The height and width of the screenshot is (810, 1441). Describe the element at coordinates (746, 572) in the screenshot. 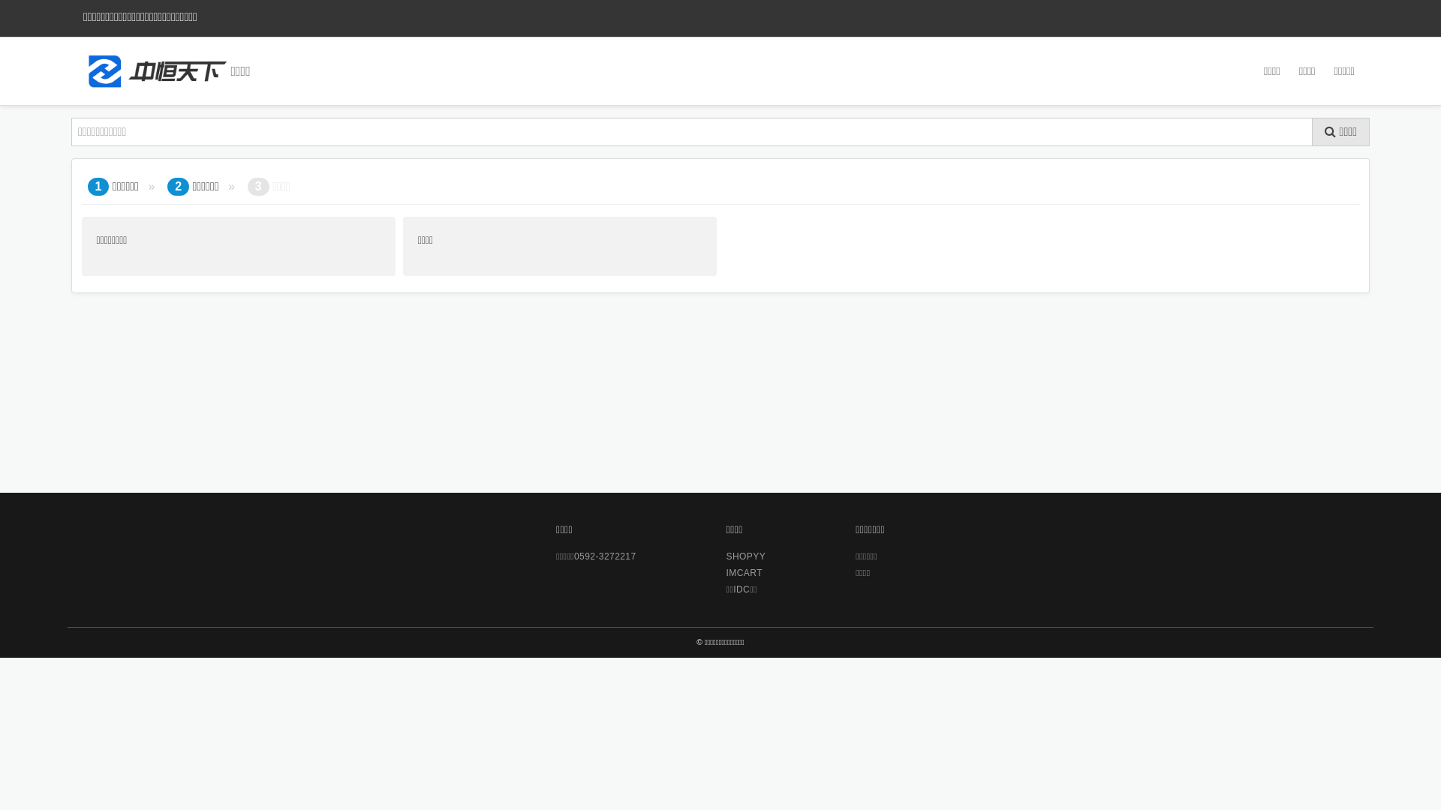

I see `'IMCART'` at that location.